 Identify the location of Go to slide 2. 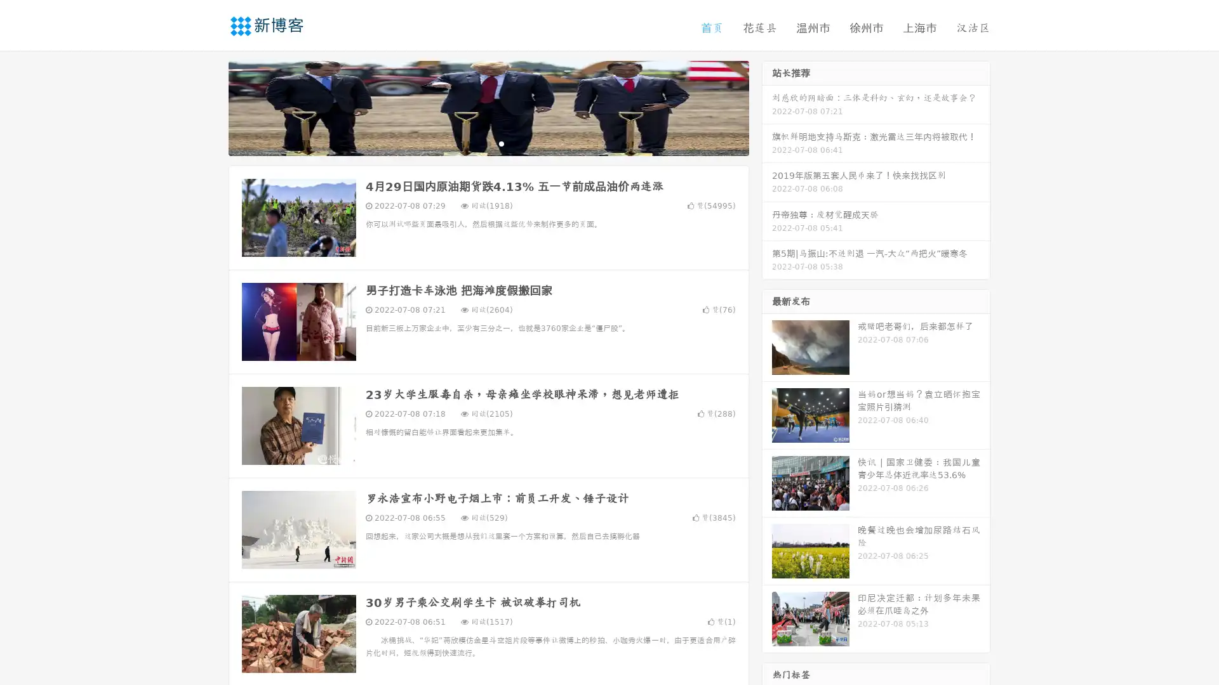
(488, 143).